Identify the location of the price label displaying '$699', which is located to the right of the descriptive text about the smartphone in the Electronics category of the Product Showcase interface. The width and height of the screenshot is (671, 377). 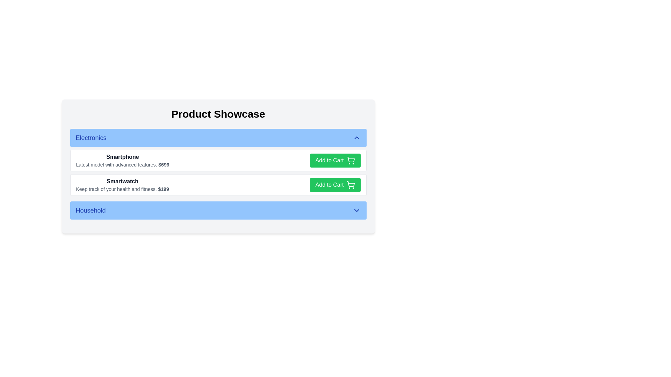
(163, 164).